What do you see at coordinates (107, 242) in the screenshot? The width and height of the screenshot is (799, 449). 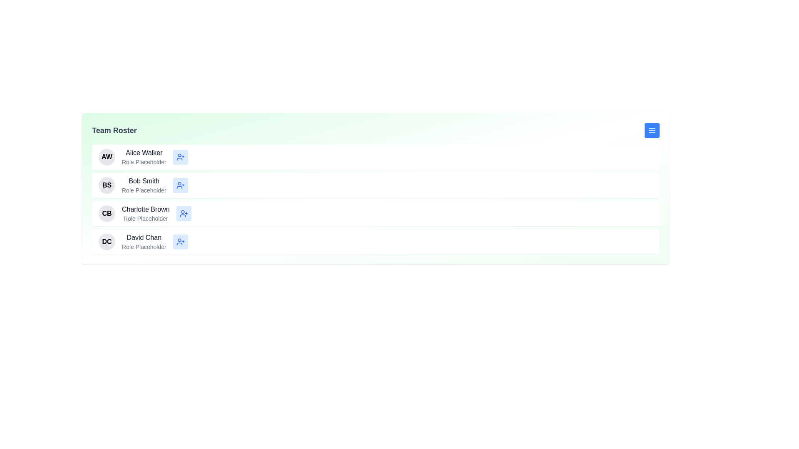 I see `the profile icon for 'David Chan', located in the fourth row of the user list, which is the leftmost icon adjacent to the text 'David Chan' and 'Role Placeholder'` at bounding box center [107, 242].